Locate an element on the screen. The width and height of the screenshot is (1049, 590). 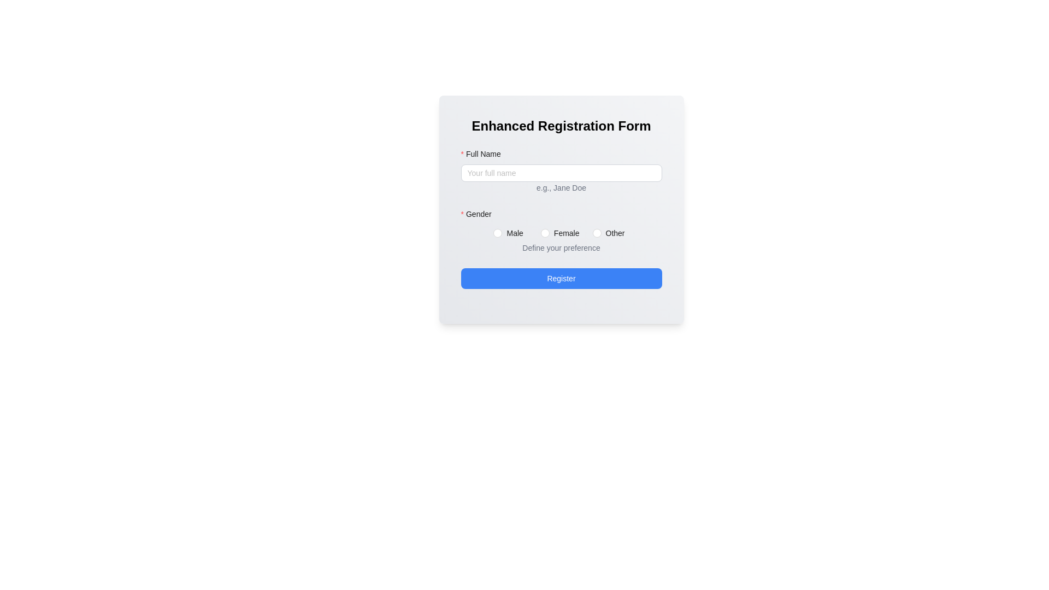
the unselected circular radio button for the 'Male' option in the 'Gender' section of the form is located at coordinates (497, 233).